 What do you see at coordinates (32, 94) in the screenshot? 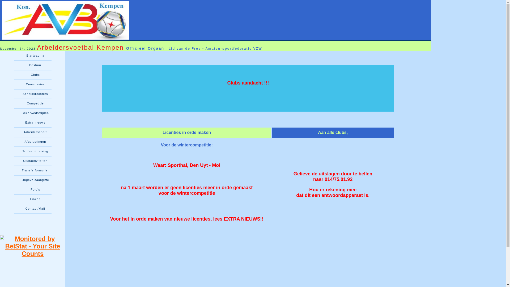
I see `'Scheidsrechters'` at bounding box center [32, 94].